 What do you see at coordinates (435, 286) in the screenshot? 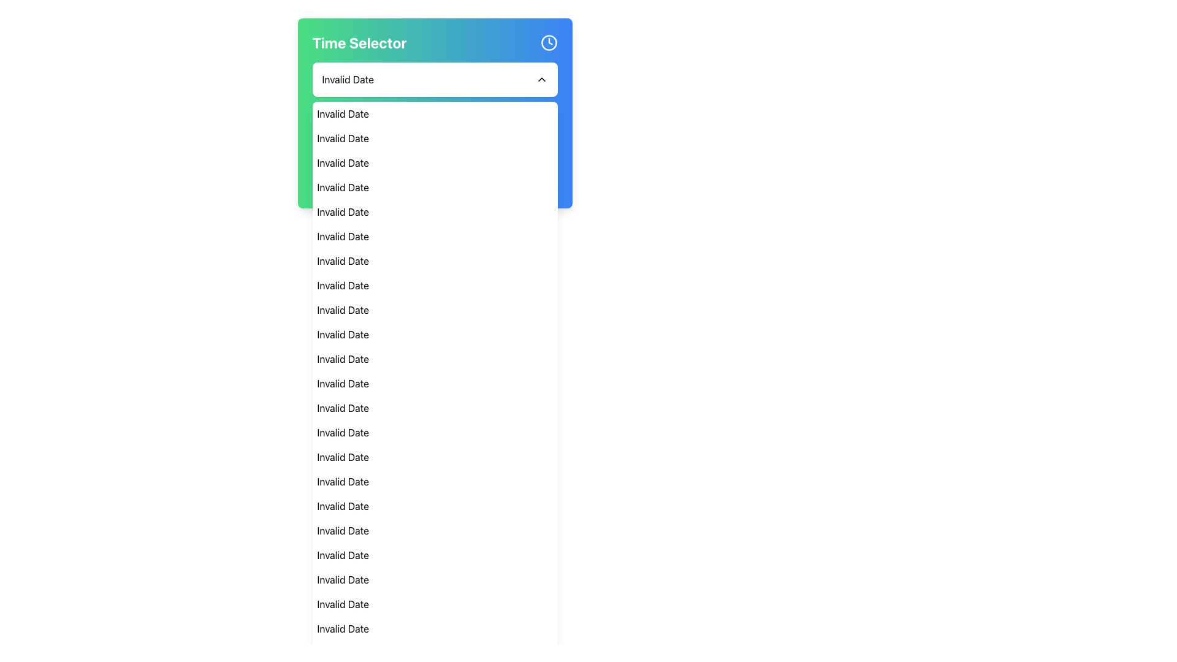
I see `the list item displaying 'Invalid Date'` at bounding box center [435, 286].